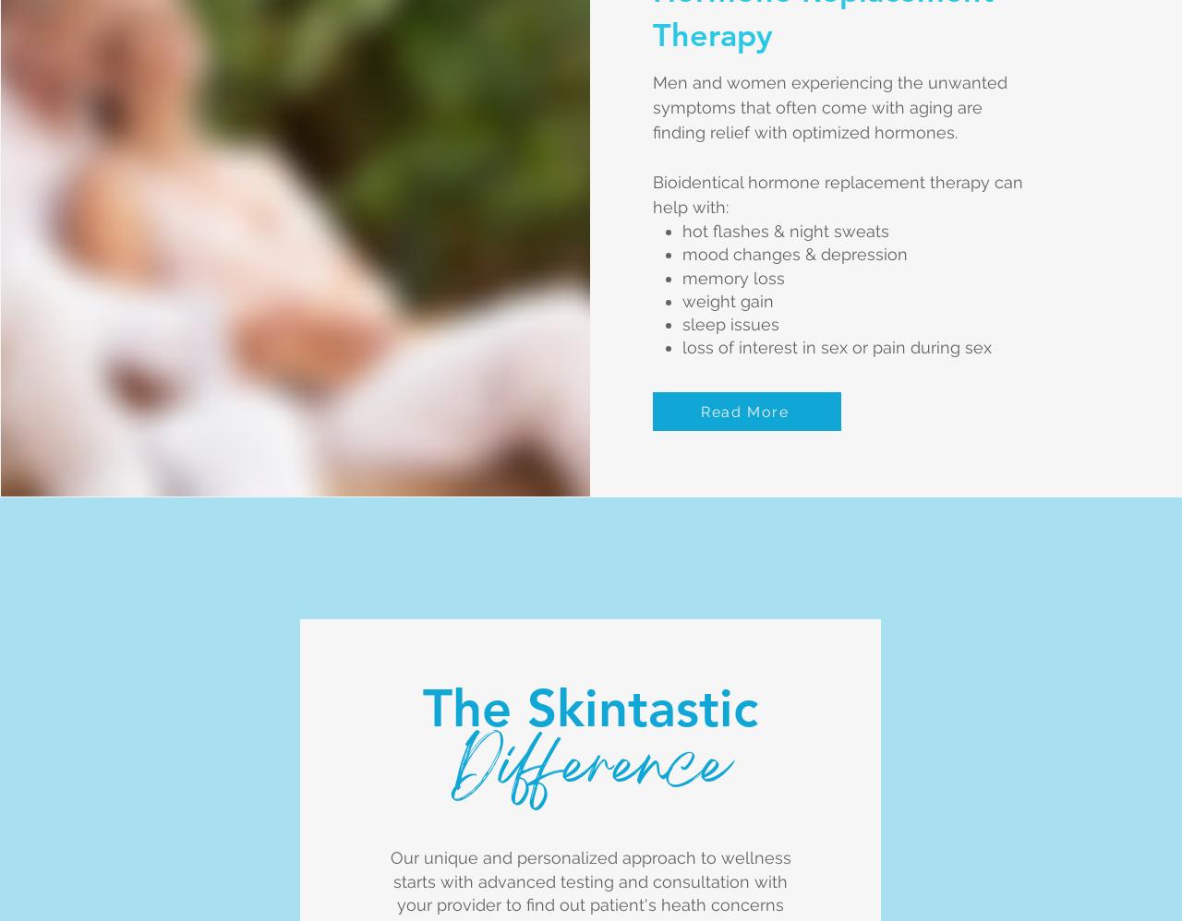 The image size is (1182, 921). What do you see at coordinates (588, 707) in the screenshot?
I see `'The Skintastic'` at bounding box center [588, 707].